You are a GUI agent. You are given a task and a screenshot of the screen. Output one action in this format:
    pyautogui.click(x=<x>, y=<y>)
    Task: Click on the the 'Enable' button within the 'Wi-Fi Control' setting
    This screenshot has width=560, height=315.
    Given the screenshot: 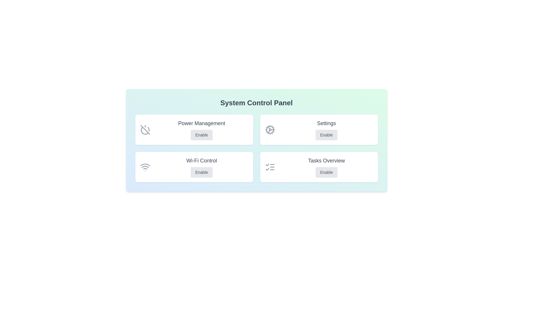 What is the action you would take?
    pyautogui.click(x=202, y=167)
    